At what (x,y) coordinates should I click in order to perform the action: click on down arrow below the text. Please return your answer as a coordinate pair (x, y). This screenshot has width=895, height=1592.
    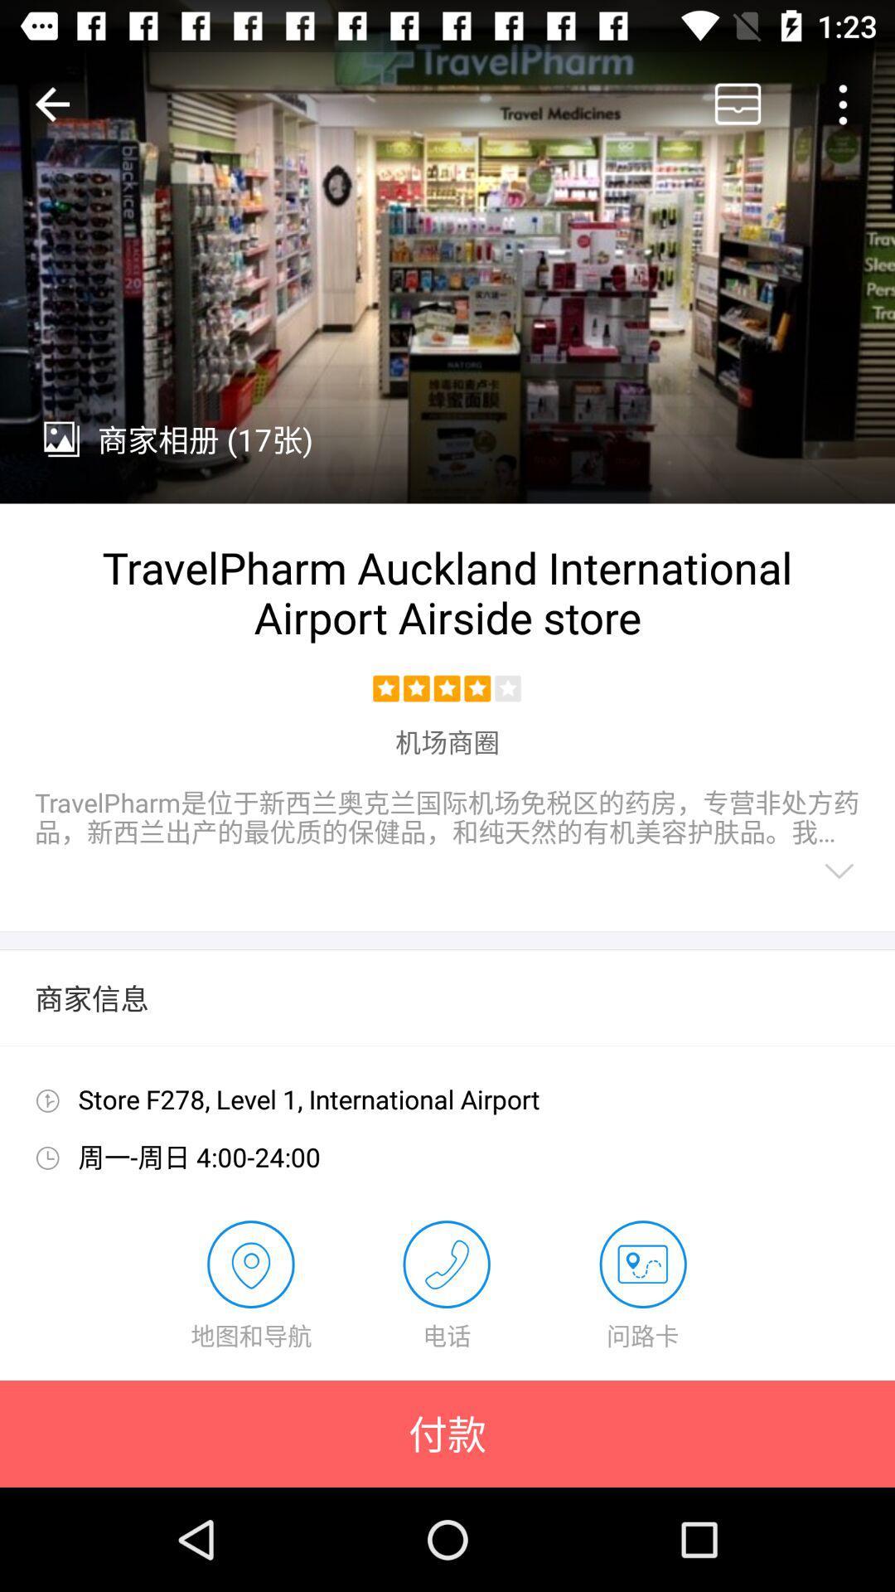
    Looking at the image, I should click on (839, 871).